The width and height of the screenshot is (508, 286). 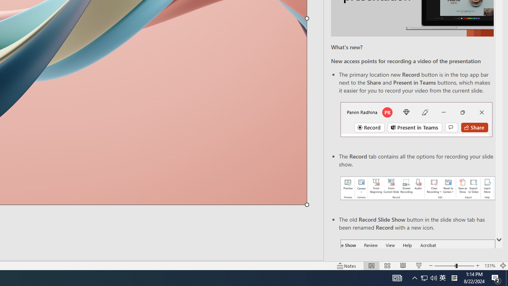 What do you see at coordinates (387, 266) in the screenshot?
I see `'Slide Sorter'` at bounding box center [387, 266].